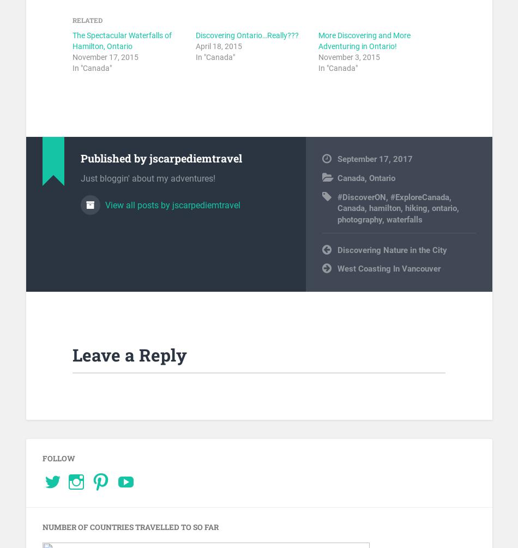 The image size is (518, 548). What do you see at coordinates (375, 158) in the screenshot?
I see `'September 17, 2017'` at bounding box center [375, 158].